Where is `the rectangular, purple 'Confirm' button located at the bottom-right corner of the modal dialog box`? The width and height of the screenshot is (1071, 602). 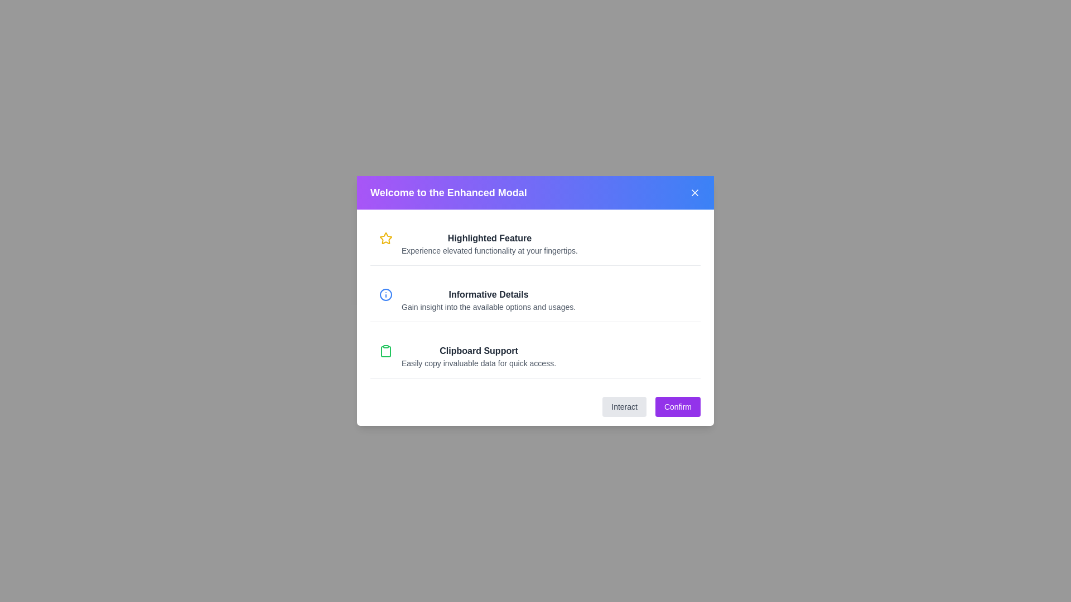
the rectangular, purple 'Confirm' button located at the bottom-right corner of the modal dialog box is located at coordinates (677, 406).